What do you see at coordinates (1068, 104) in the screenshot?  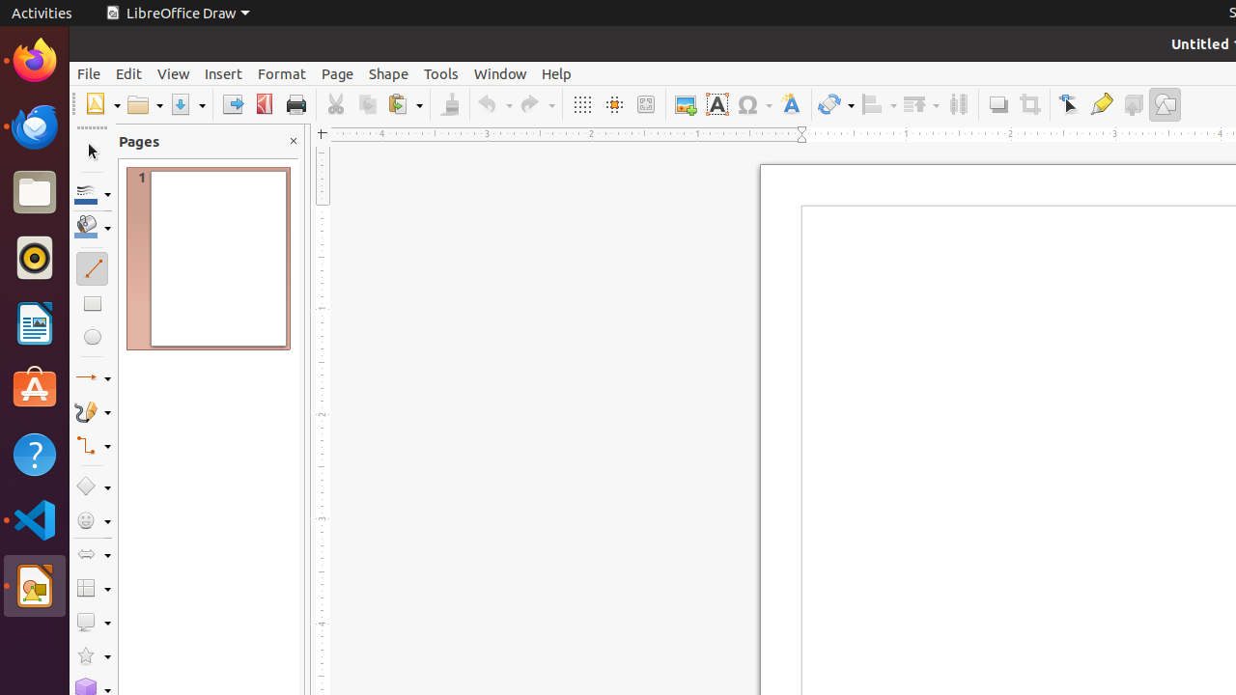 I see `'Edit Points'` at bounding box center [1068, 104].